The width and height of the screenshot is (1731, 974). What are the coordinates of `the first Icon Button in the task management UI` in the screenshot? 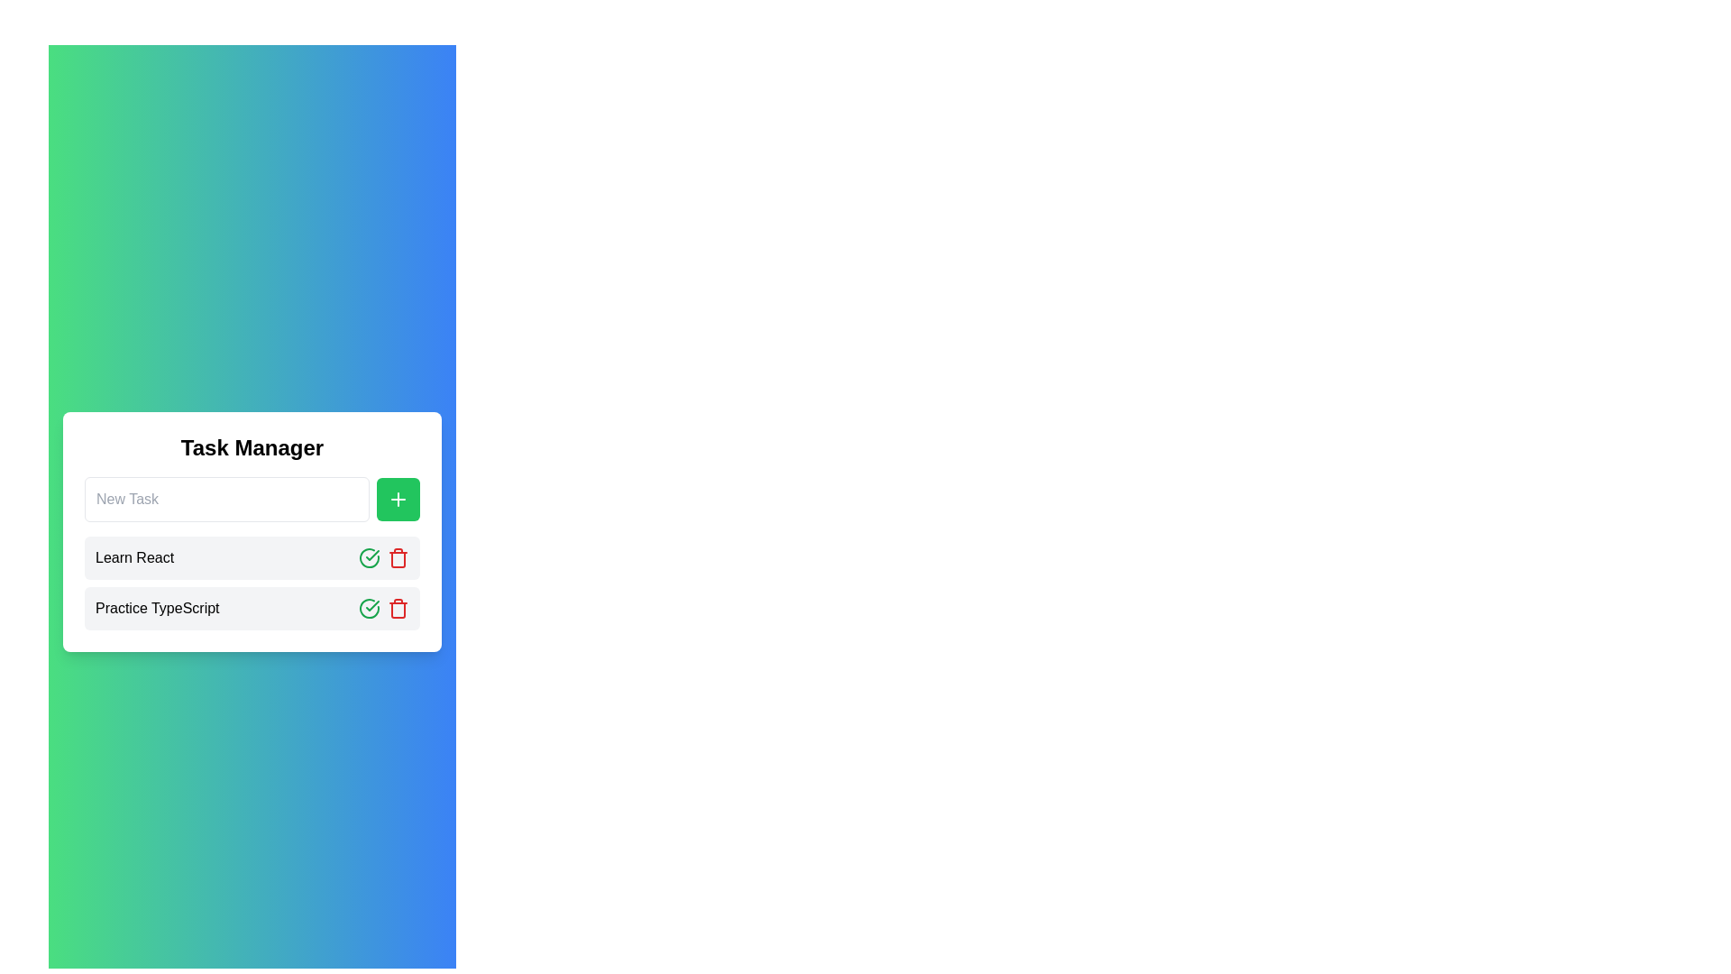 It's located at (368, 609).